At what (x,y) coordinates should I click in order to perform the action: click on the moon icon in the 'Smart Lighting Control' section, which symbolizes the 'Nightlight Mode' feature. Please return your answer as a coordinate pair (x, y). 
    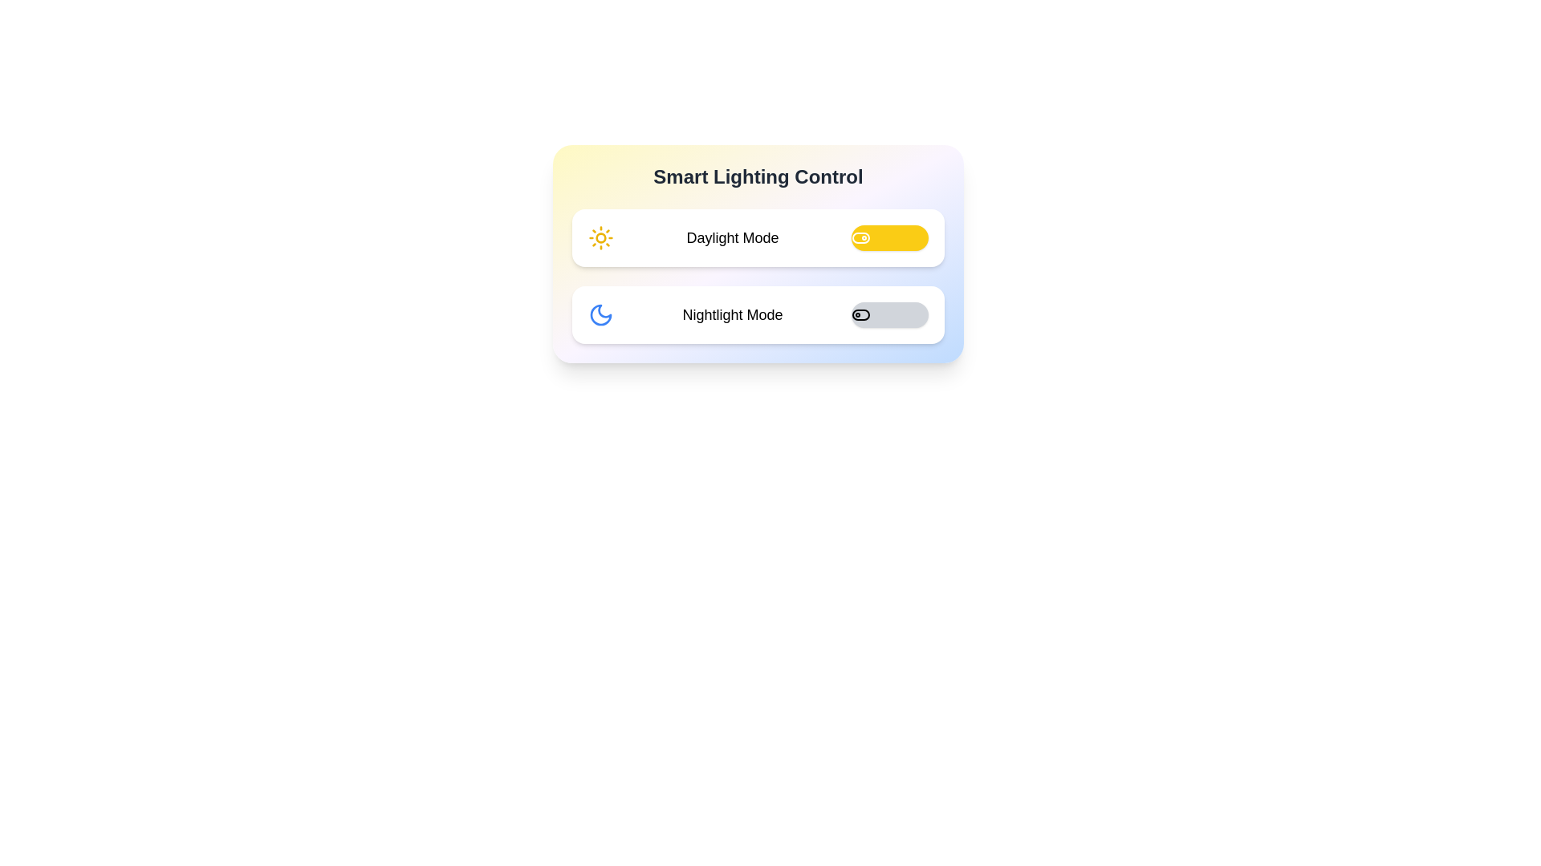
    Looking at the image, I should click on (600, 315).